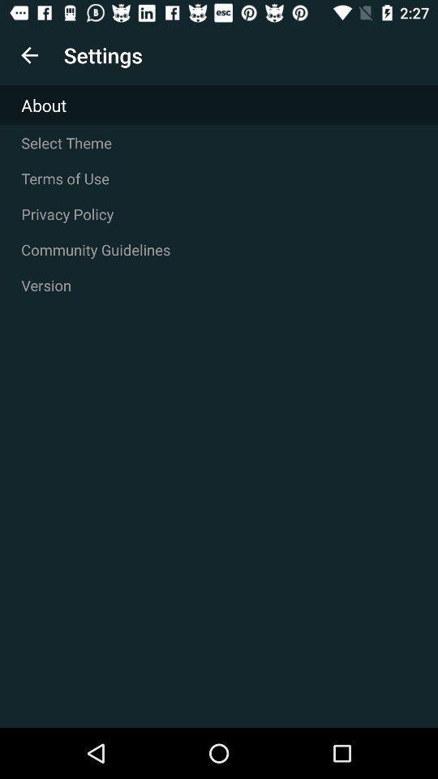  I want to click on the icon below the terms of use, so click(219, 213).